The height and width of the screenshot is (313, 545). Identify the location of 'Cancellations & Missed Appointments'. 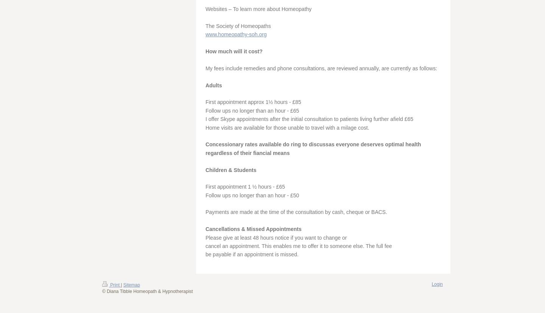
(253, 229).